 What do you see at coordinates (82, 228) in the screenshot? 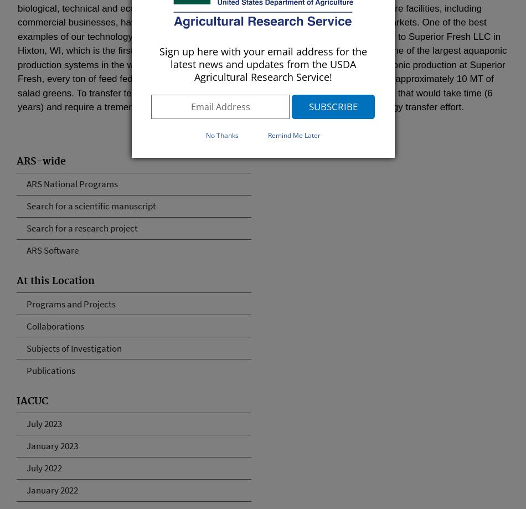
I see `'Search for a research project'` at bounding box center [82, 228].